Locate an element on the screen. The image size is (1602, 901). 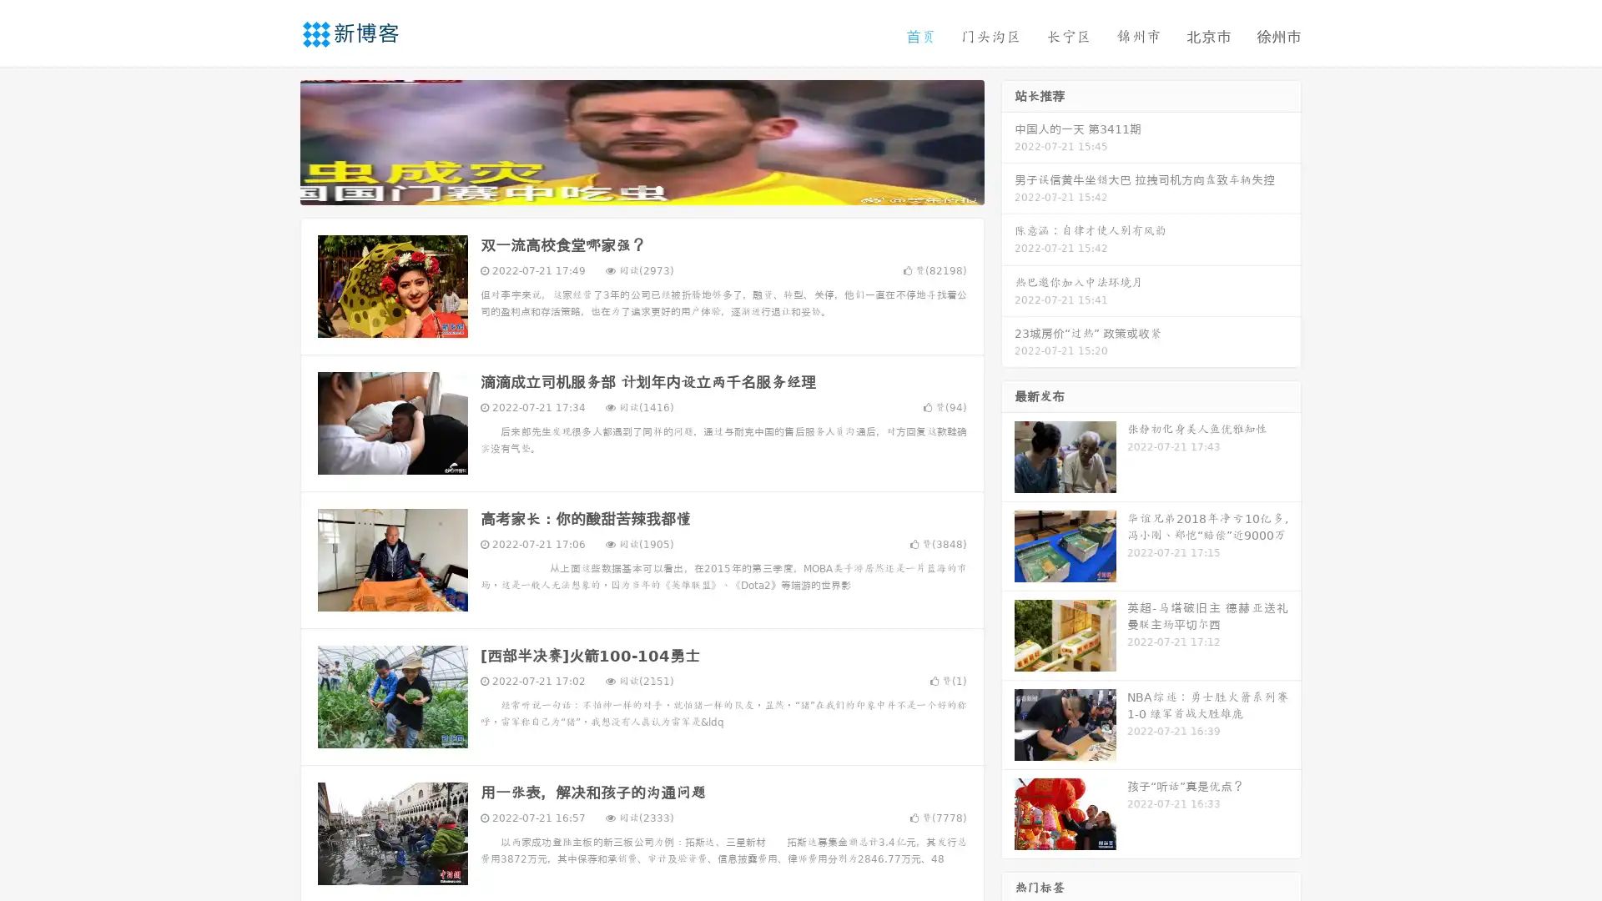
Go to slide 3 is located at coordinates (658, 188).